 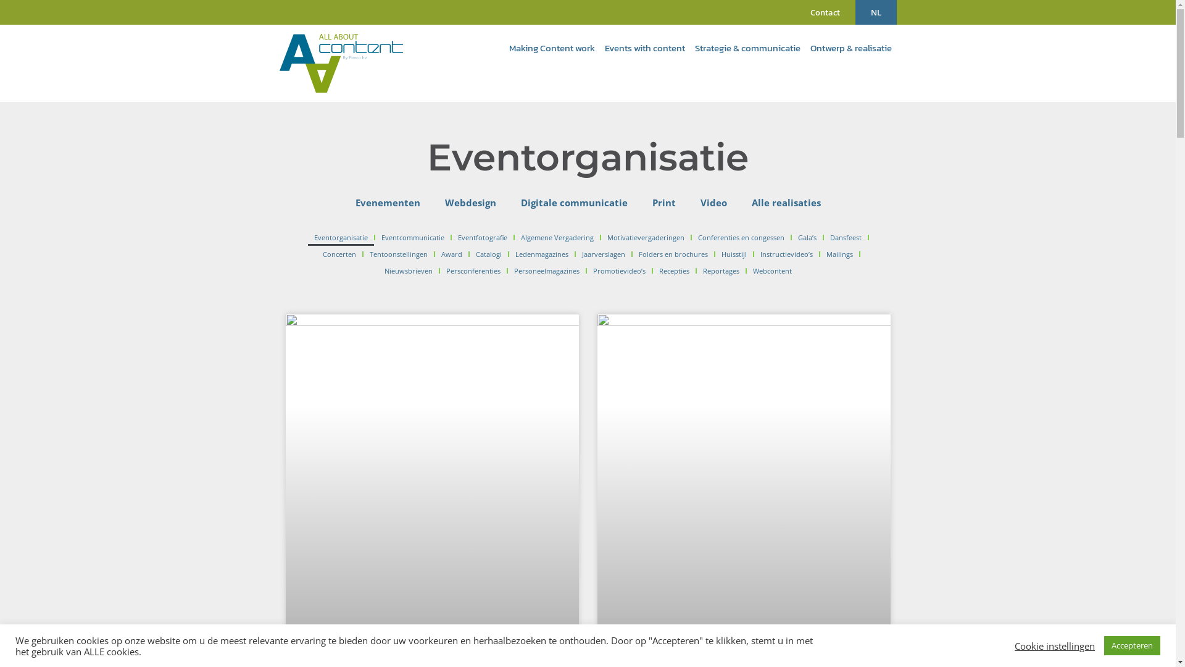 What do you see at coordinates (747, 47) in the screenshot?
I see `'Strategie & communicatie'` at bounding box center [747, 47].